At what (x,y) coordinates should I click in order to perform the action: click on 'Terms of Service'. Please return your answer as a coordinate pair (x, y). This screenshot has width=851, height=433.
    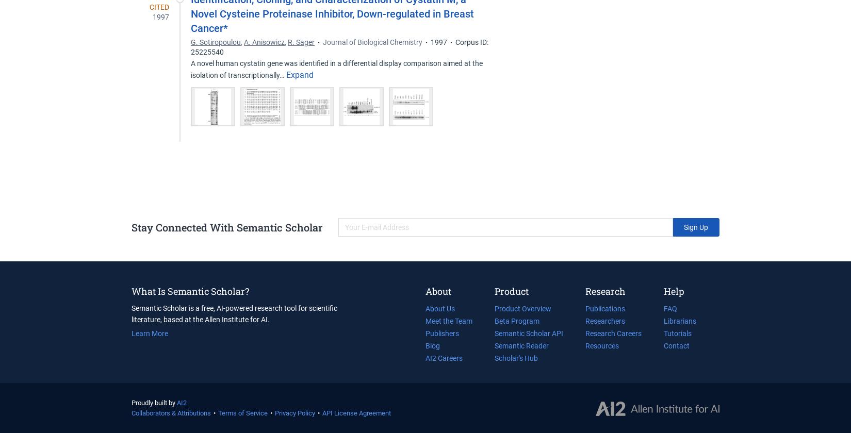
    Looking at the image, I should click on (218, 413).